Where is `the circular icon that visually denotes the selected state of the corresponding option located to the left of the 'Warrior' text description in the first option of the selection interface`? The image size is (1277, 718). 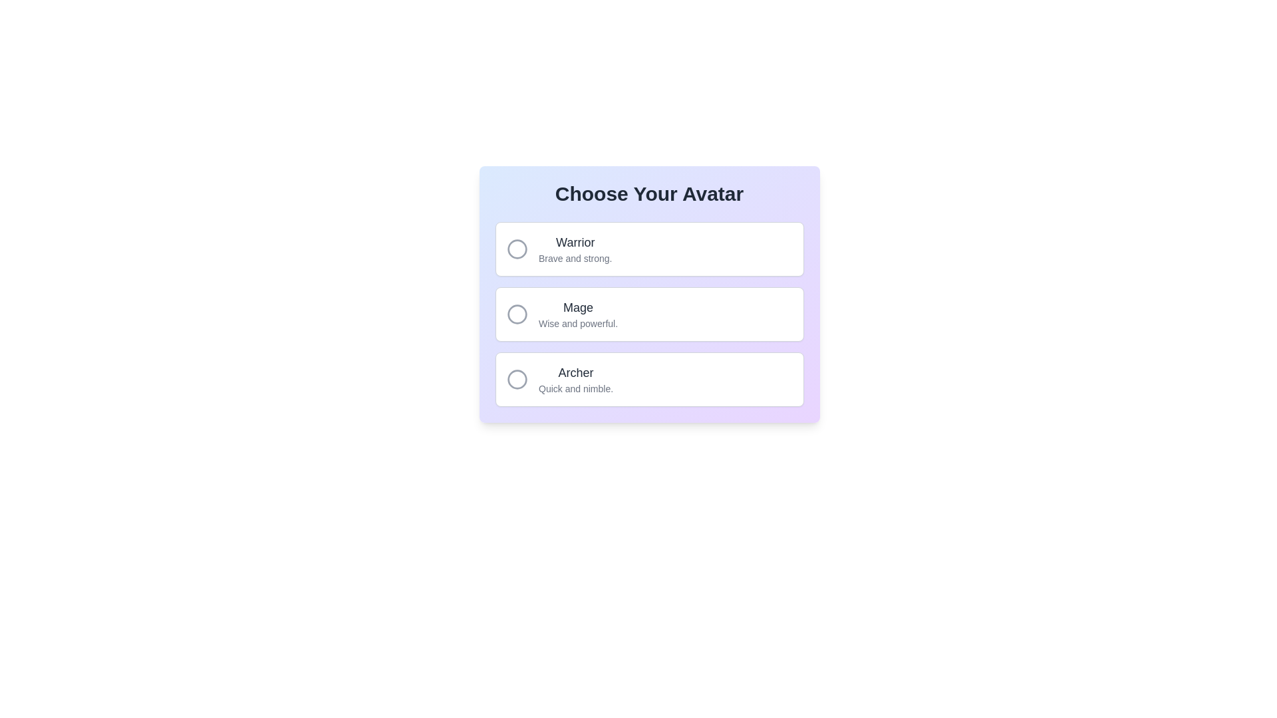
the circular icon that visually denotes the selected state of the corresponding option located to the left of the 'Warrior' text description in the first option of the selection interface is located at coordinates (516, 249).